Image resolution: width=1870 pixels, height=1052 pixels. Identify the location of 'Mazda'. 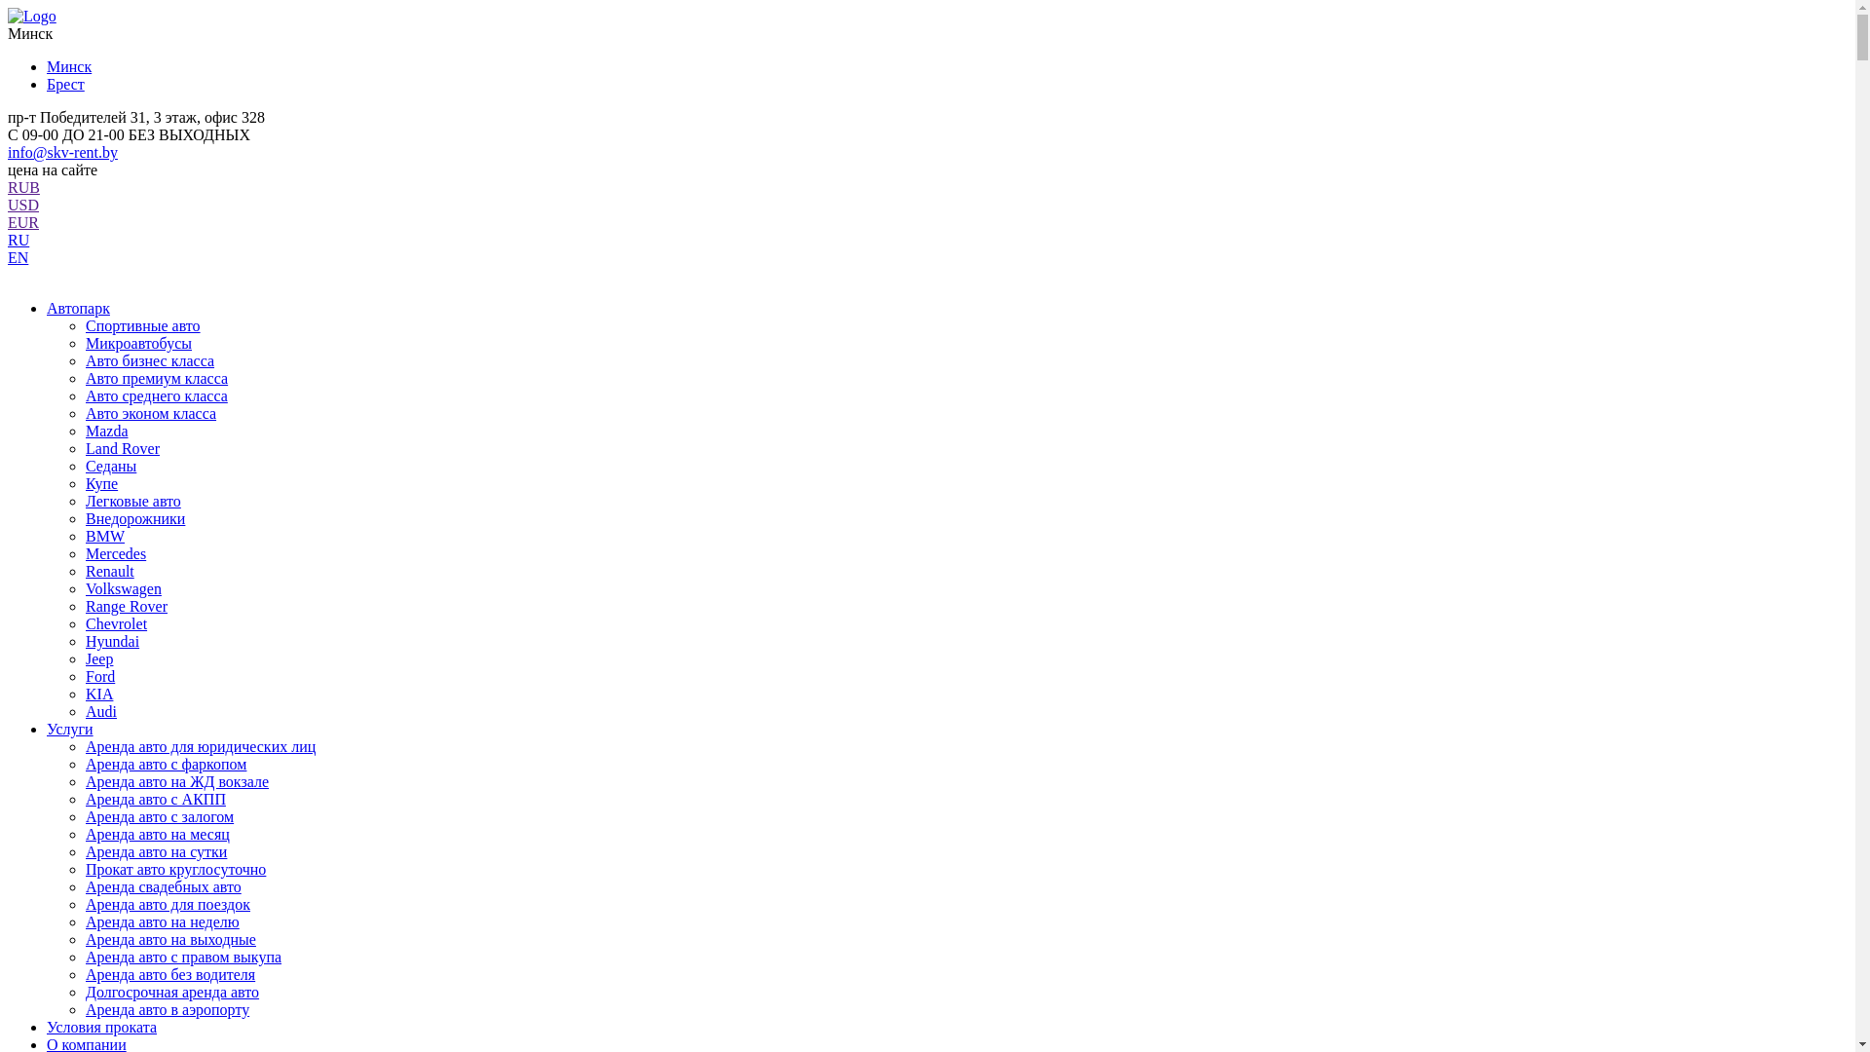
(84, 430).